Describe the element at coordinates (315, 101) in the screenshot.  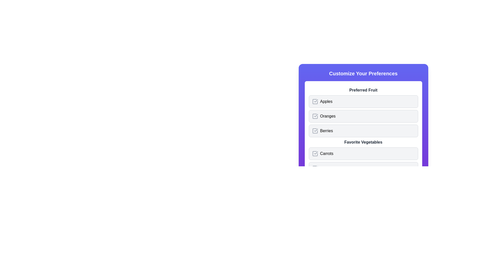
I see `the rectangular border of the SVG checkbox for the 'Apples' option in the 'Preferred Fruit' section to interact with the checkbox` at that location.